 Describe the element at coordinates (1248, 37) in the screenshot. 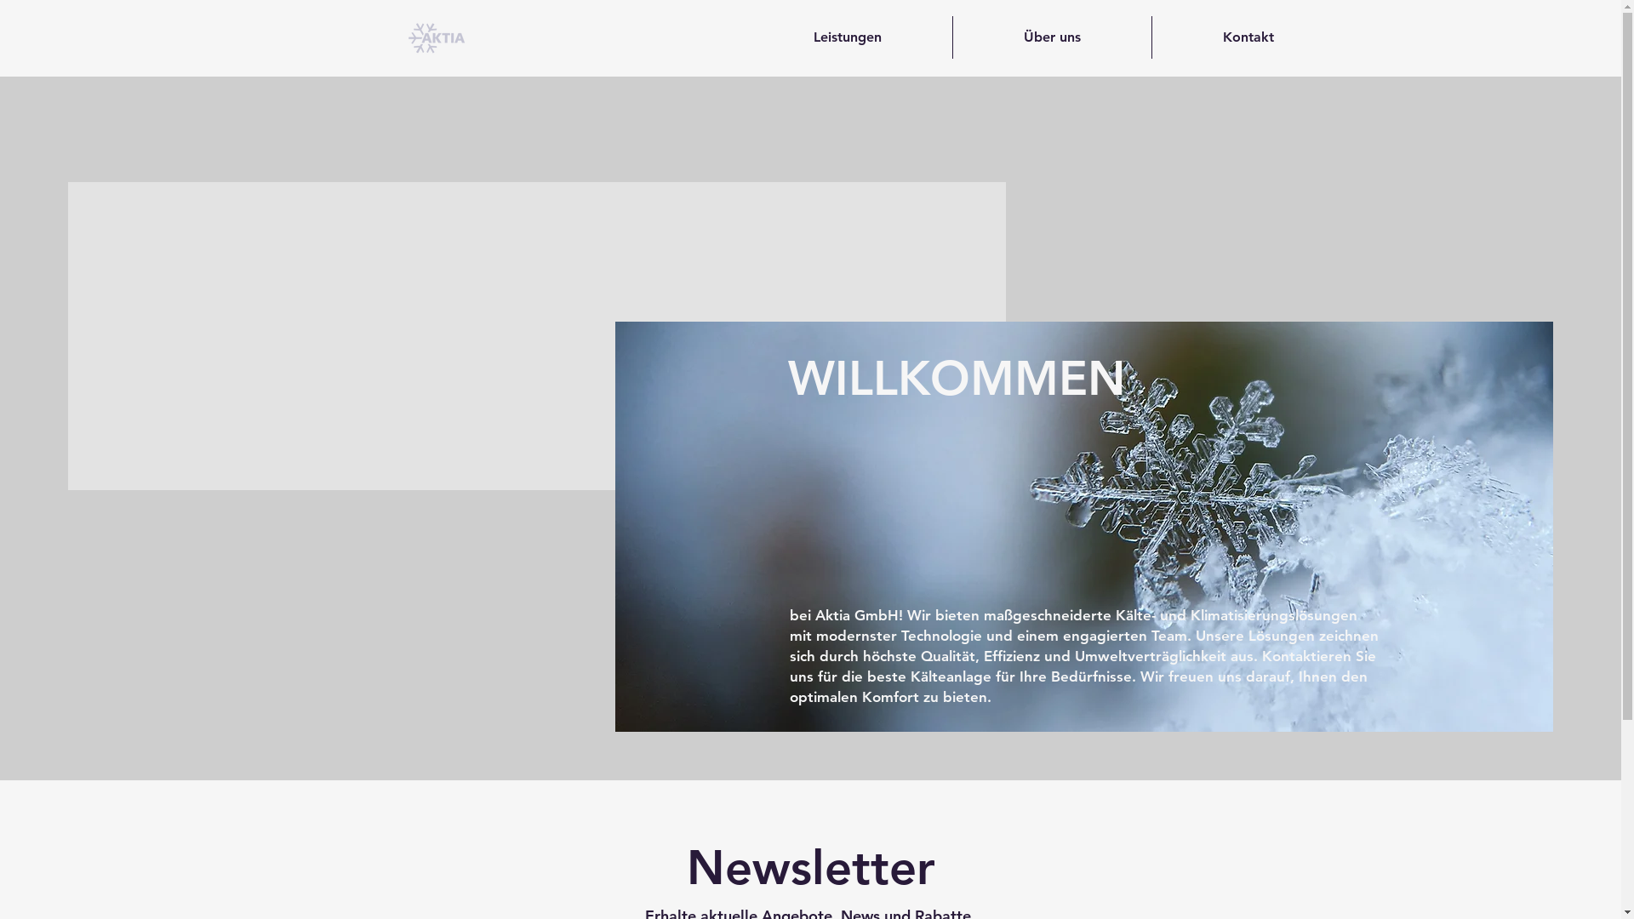

I see `'Kontakt'` at that location.